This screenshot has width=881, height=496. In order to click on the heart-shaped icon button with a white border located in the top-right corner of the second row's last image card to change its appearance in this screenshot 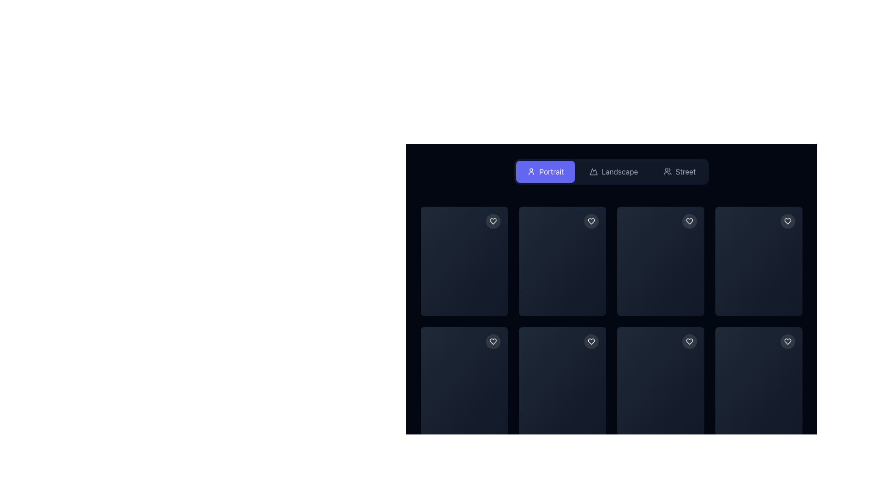, I will do `click(493, 341)`.